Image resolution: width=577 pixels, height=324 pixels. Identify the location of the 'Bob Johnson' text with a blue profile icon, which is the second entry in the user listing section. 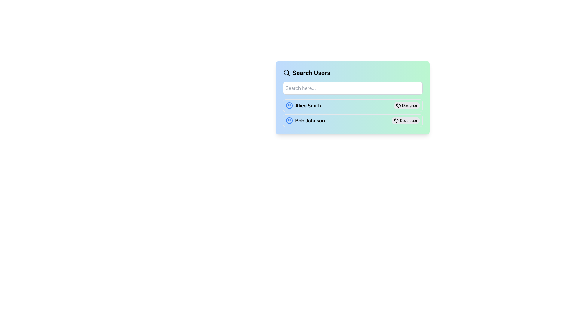
(305, 120).